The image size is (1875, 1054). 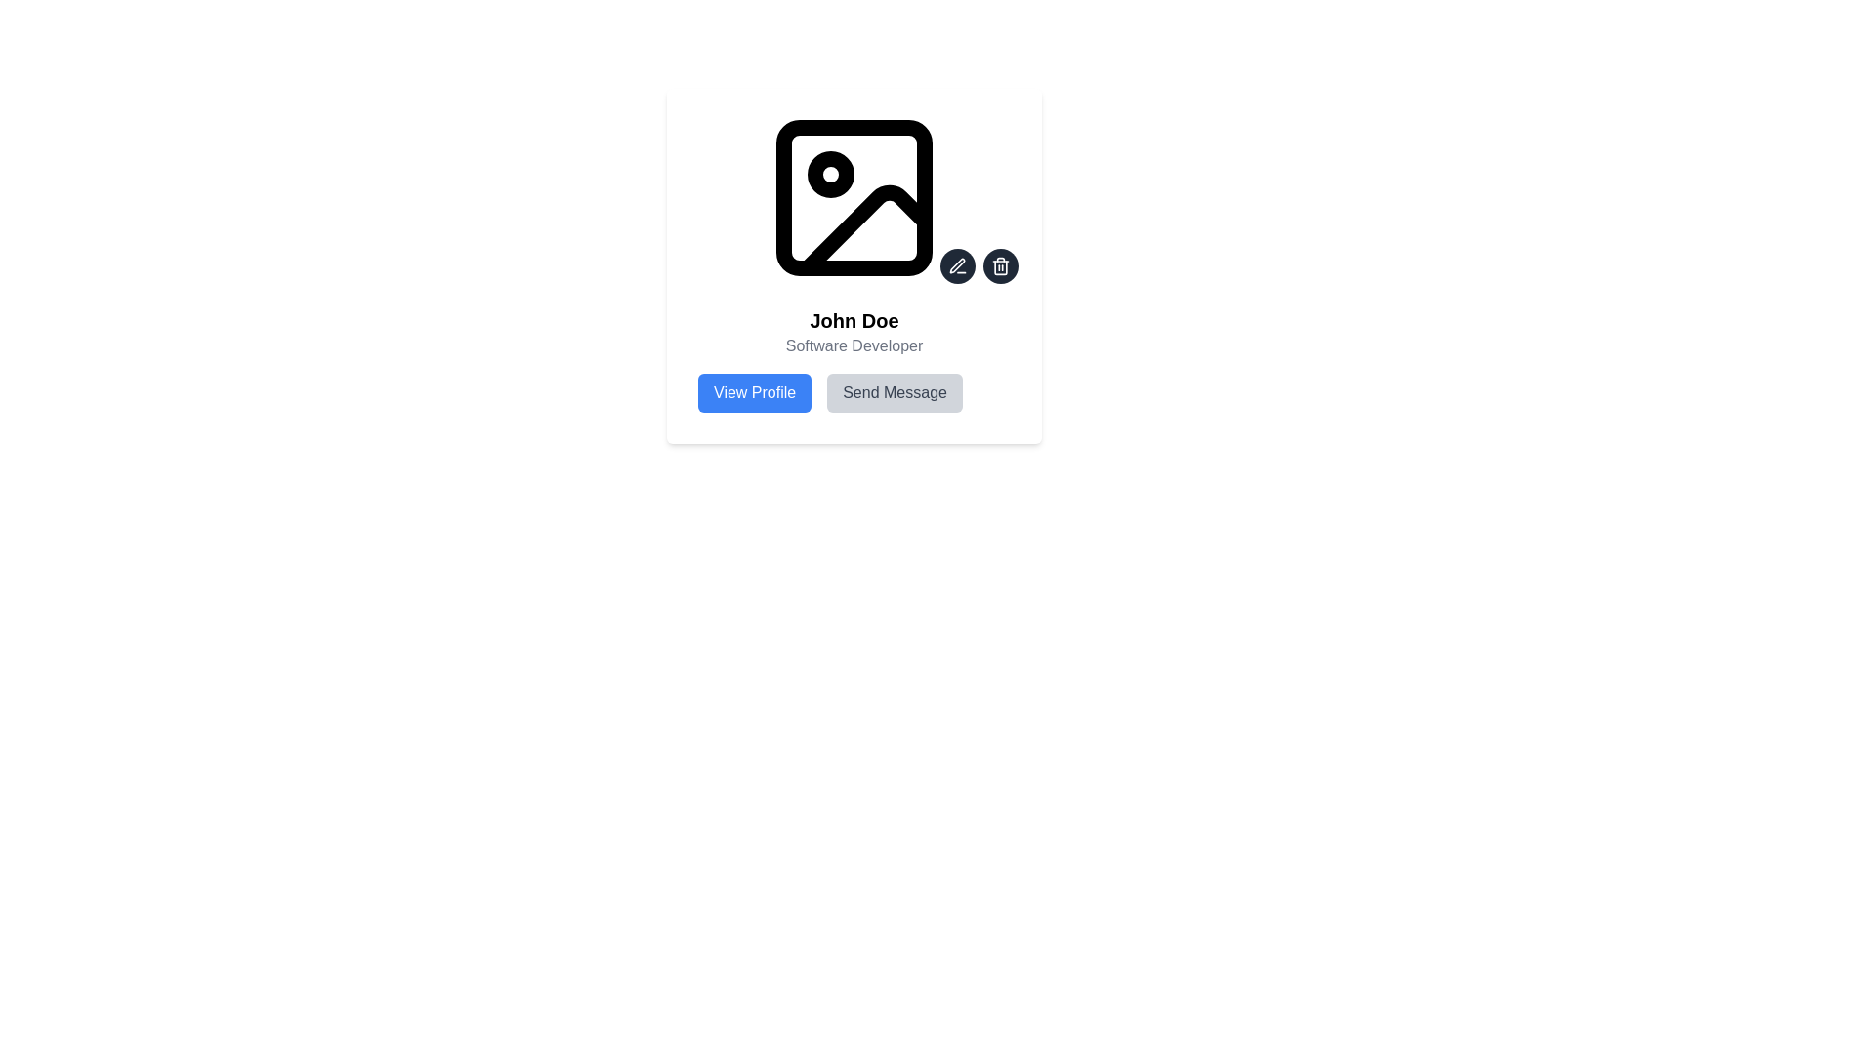 I want to click on the edit button located in the top-right corner of the profile card, adjacent to the delete icon, so click(x=957, y=266).